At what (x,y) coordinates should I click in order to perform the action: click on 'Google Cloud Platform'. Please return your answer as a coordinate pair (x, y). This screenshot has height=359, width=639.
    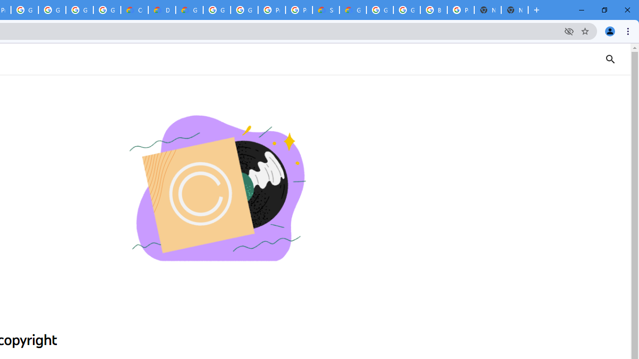
    Looking at the image, I should click on (407, 10).